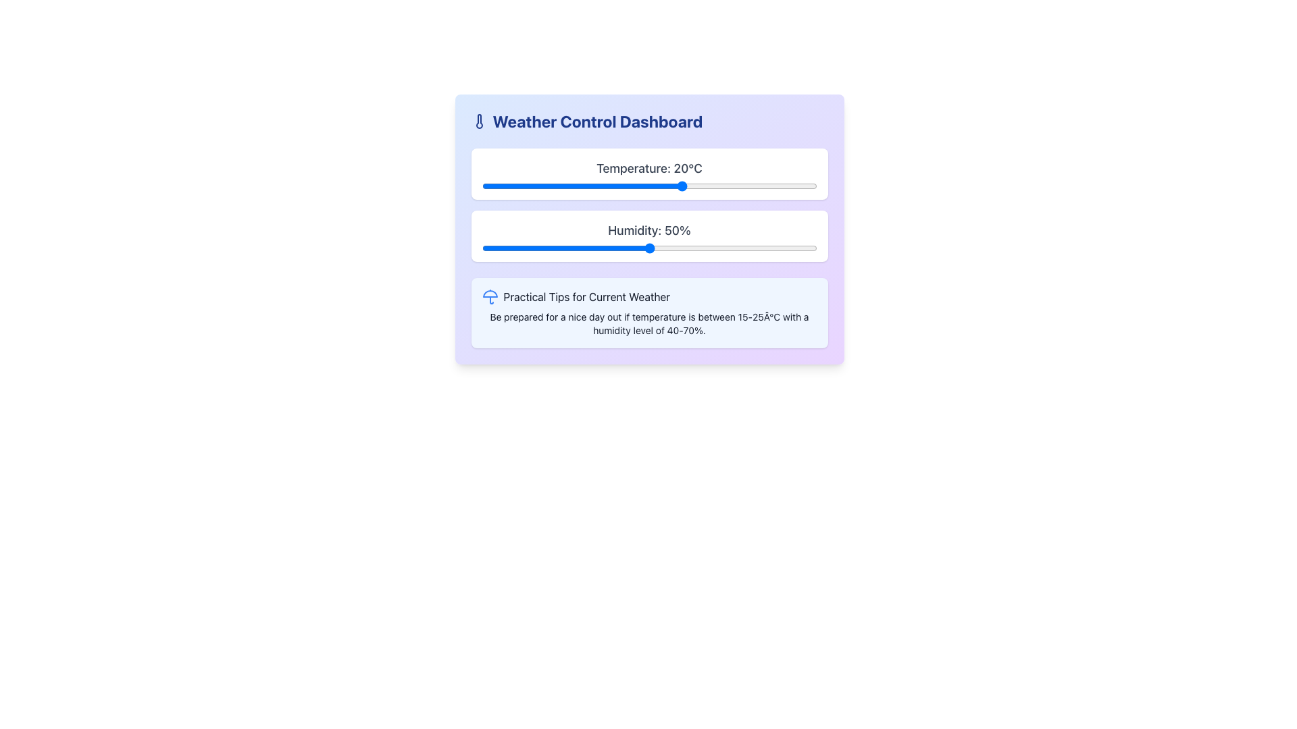  Describe the element at coordinates (649, 236) in the screenshot. I see `the interactive slider labeled 'Humidity: 50%' which displays a blue indicator on a gradient background ranging from yellow to green` at that location.